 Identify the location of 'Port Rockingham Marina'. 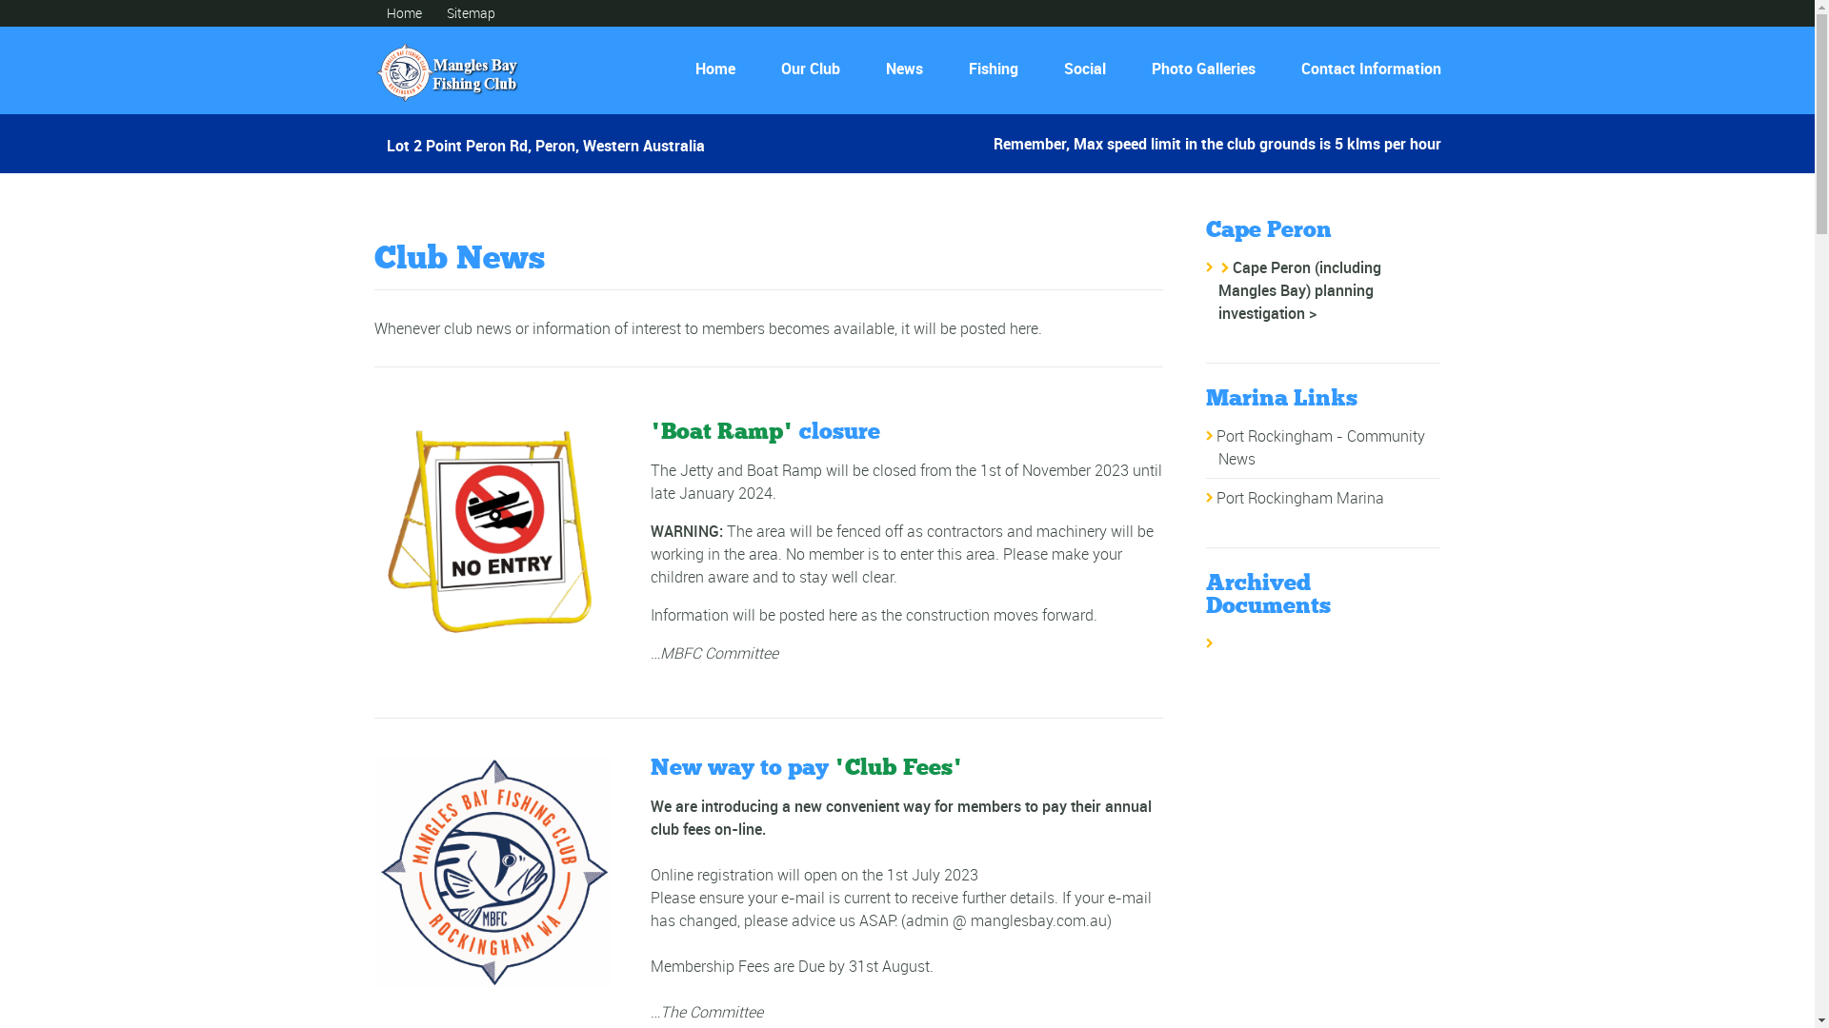
(1215, 497).